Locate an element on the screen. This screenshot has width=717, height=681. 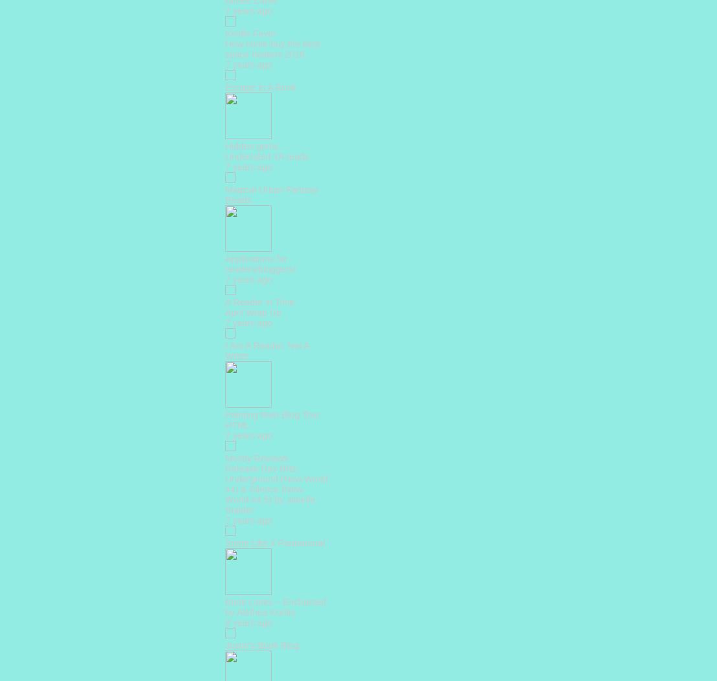
'Escape In A Book' is located at coordinates (260, 86).